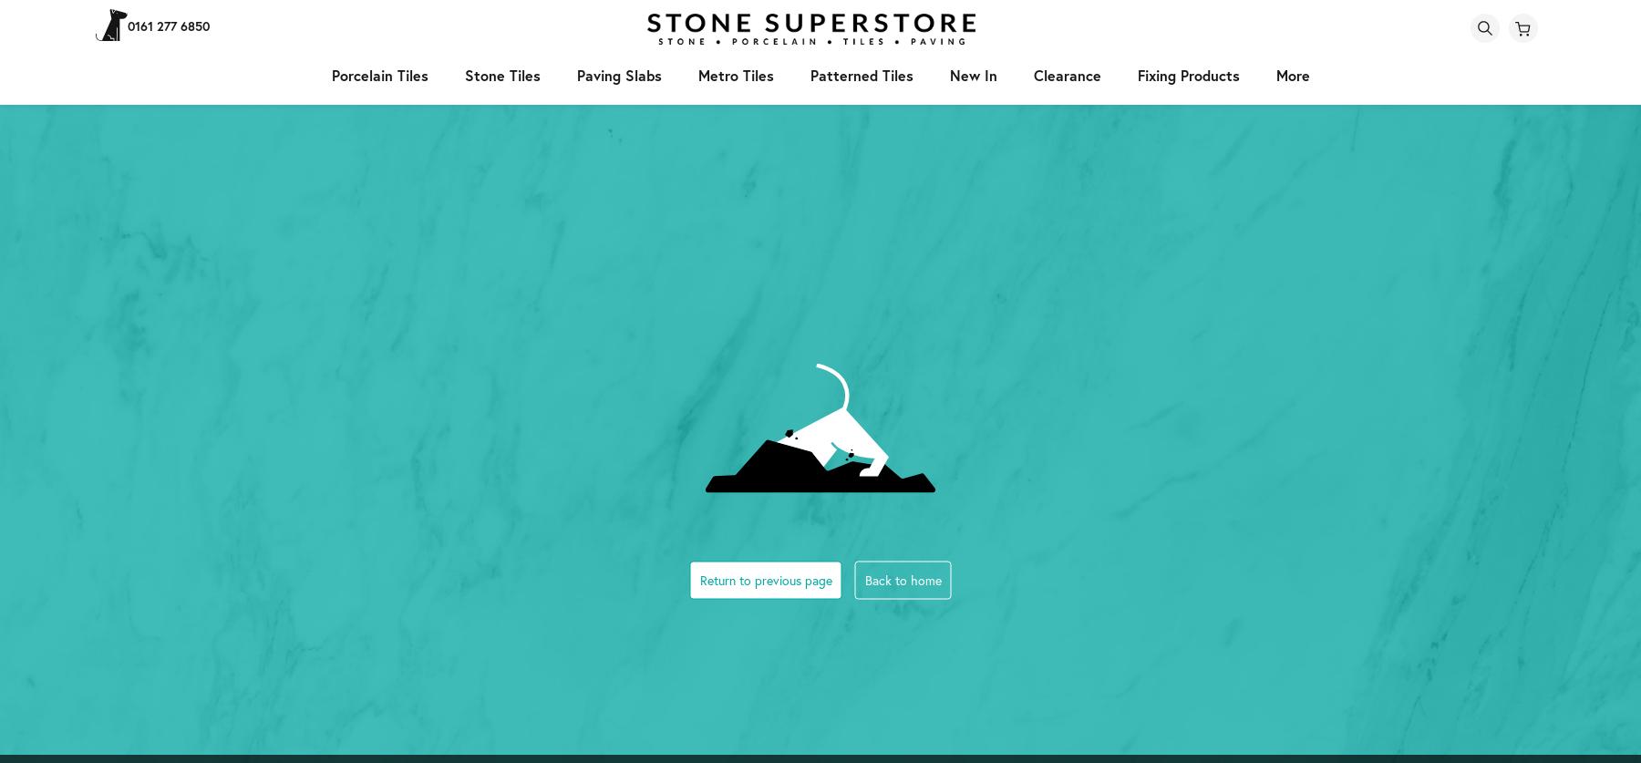  I want to click on 'stone tiles', so click(463, 75).